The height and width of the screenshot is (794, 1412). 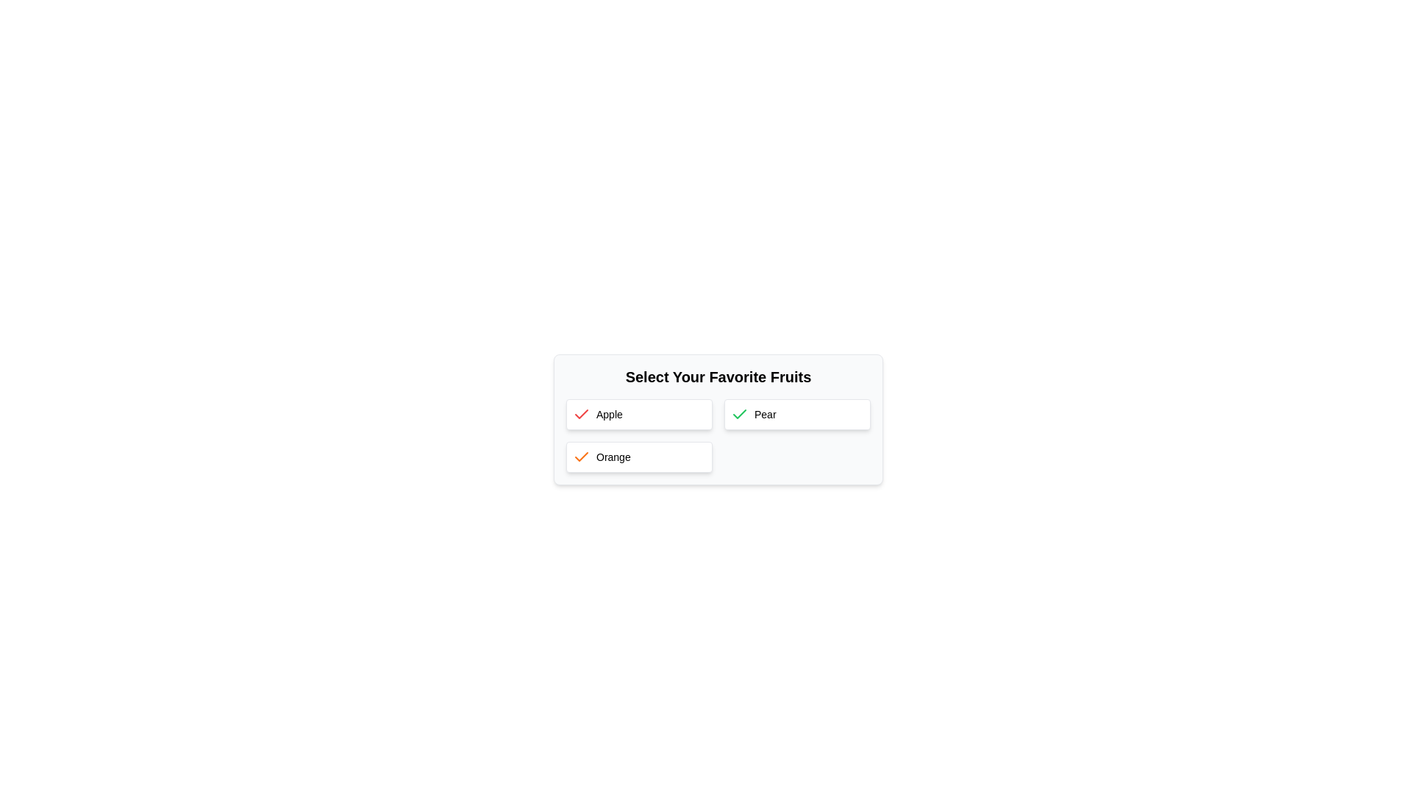 I want to click on the 'Apple' selection option box, which has a white background and a red checkmark icon on the left, so click(x=639, y=414).